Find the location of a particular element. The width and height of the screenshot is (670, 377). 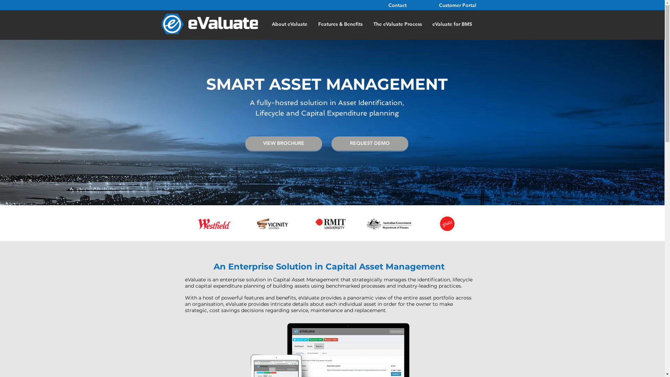

'Customer Portal' is located at coordinates (457, 5).